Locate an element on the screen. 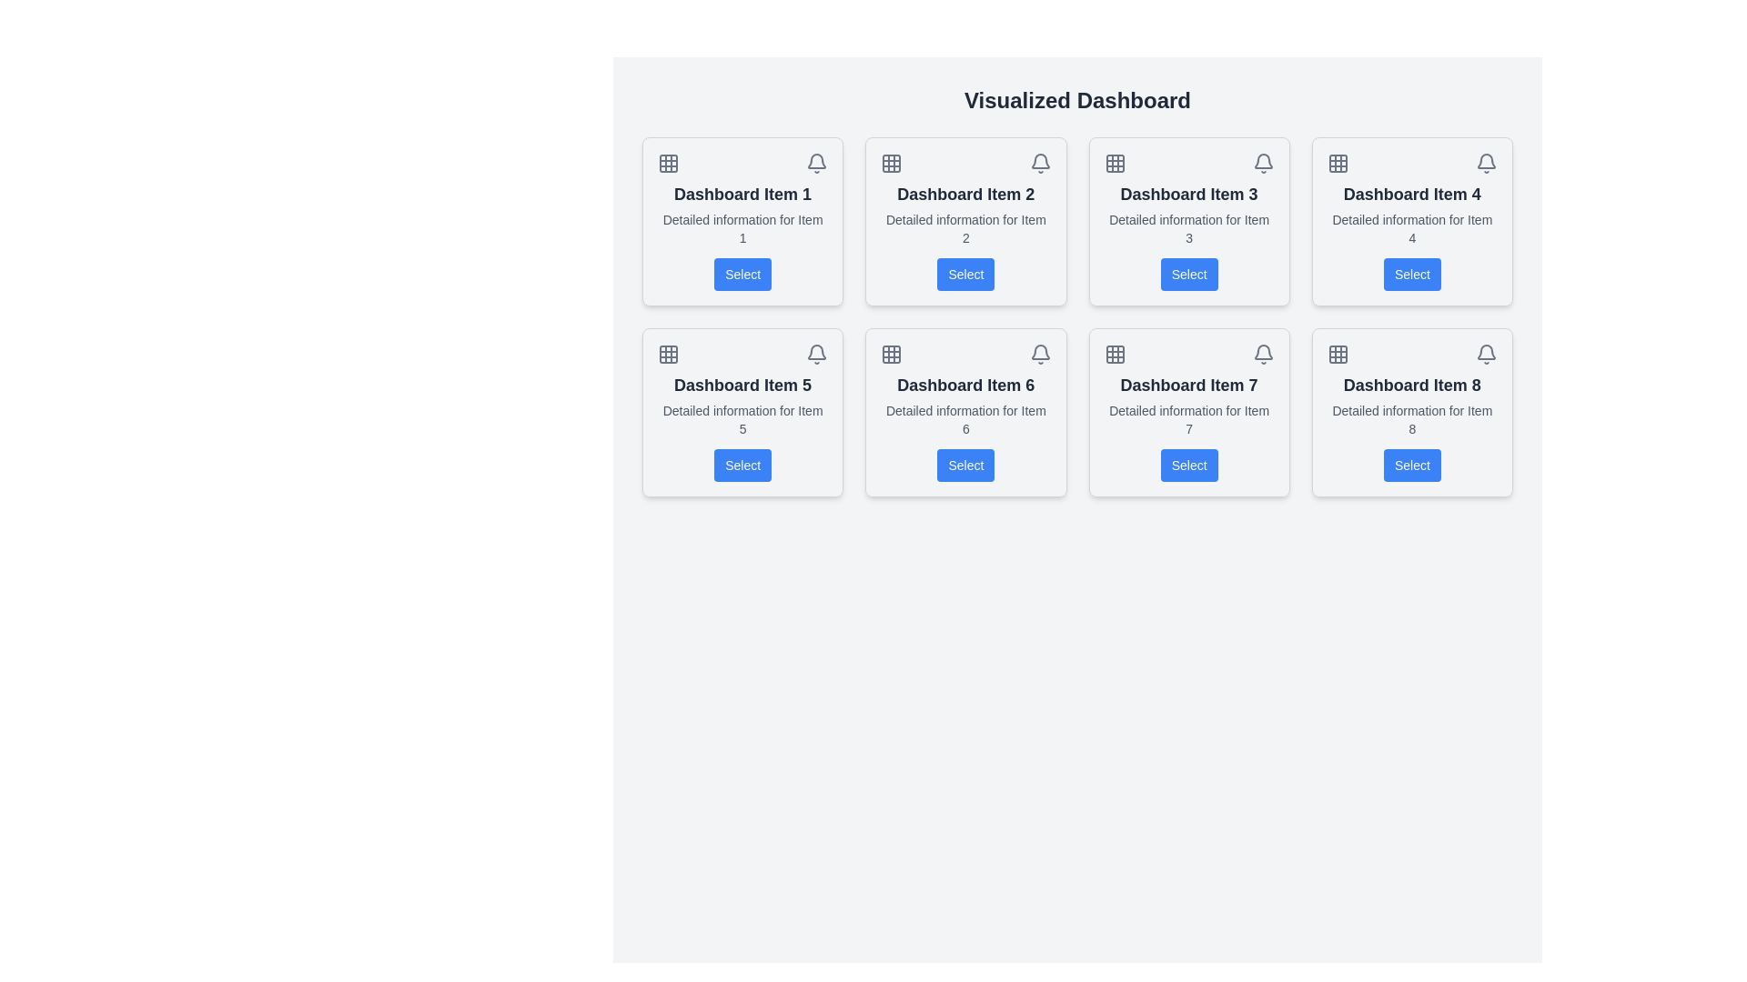 This screenshot has width=1747, height=982. description provided by the text label located under 'Dashboard Item 7' and above the 'Select' button in the seventh dashboard item is located at coordinates (1189, 420).